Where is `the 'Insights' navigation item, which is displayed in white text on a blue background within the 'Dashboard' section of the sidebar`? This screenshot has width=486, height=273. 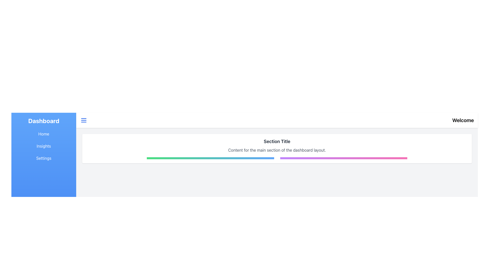 the 'Insights' navigation item, which is displayed in white text on a blue background within the 'Dashboard' section of the sidebar is located at coordinates (44, 146).